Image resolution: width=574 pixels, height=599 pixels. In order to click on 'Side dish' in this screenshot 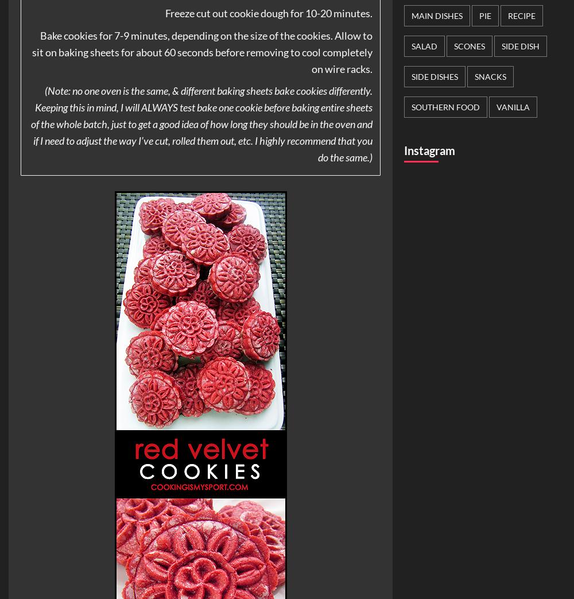, I will do `click(521, 45)`.